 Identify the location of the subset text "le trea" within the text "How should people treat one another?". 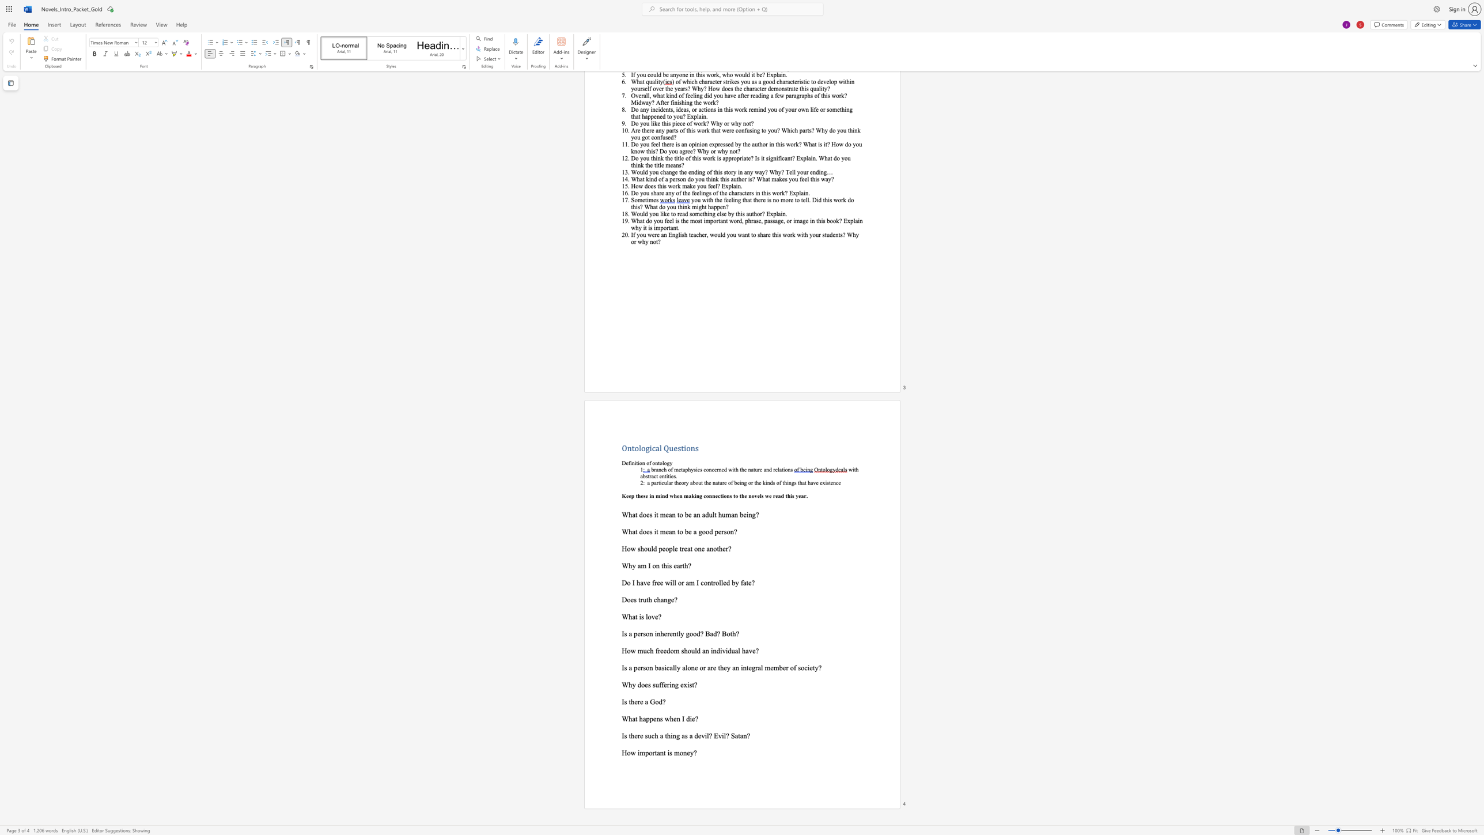
(672, 548).